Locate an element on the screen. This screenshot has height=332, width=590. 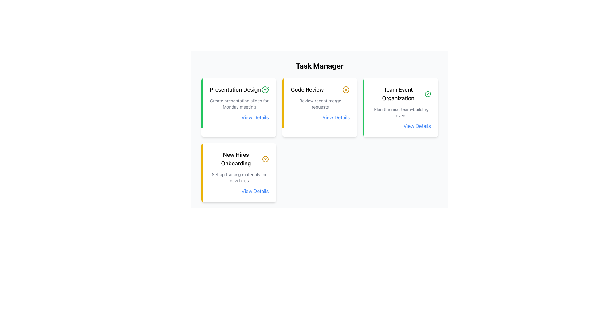
text label displaying 'Create presentation slides for Monday meeting', which is visually distinct and located below the header 'Presentation Design' is located at coordinates (239, 104).